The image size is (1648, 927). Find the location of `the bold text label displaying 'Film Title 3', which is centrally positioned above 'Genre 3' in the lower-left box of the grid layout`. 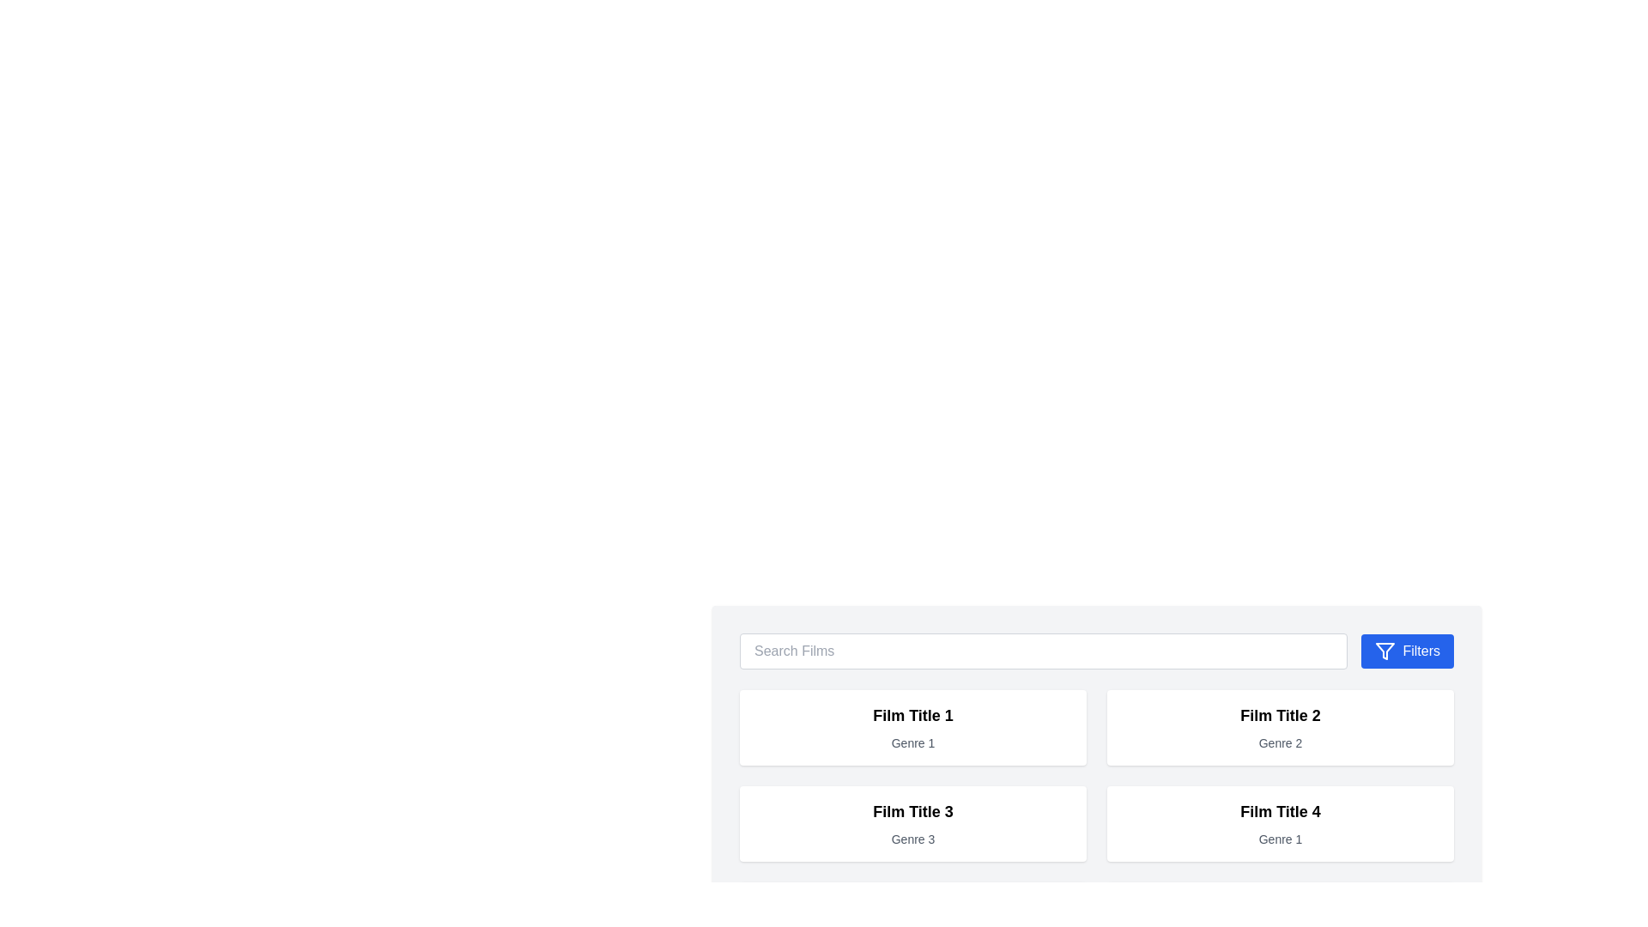

the bold text label displaying 'Film Title 3', which is centrally positioned above 'Genre 3' in the lower-left box of the grid layout is located at coordinates (912, 811).